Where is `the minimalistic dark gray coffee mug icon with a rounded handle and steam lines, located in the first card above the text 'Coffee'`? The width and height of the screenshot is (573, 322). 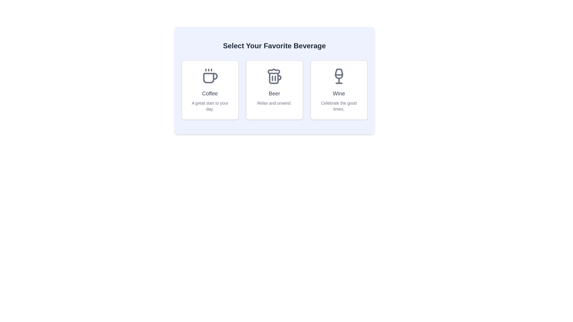 the minimalistic dark gray coffee mug icon with a rounded handle and steam lines, located in the first card above the text 'Coffee' is located at coordinates (210, 76).